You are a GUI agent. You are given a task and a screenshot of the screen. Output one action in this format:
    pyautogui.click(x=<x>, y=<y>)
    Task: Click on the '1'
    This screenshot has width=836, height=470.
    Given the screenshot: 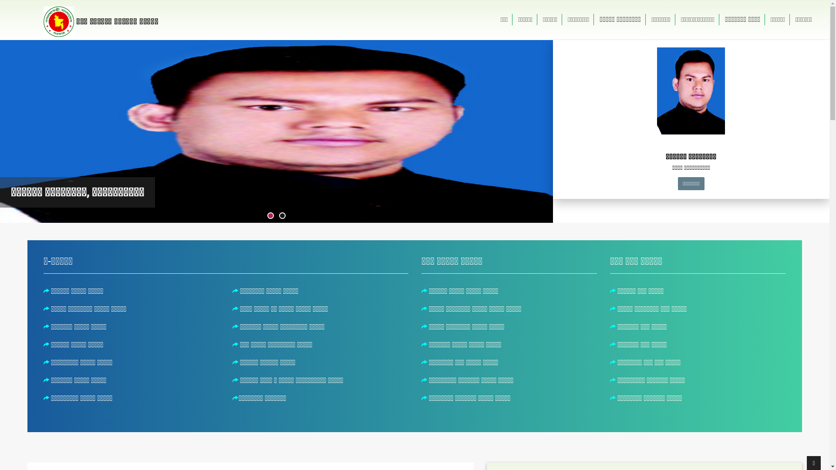 What is the action you would take?
    pyautogui.click(x=267, y=215)
    